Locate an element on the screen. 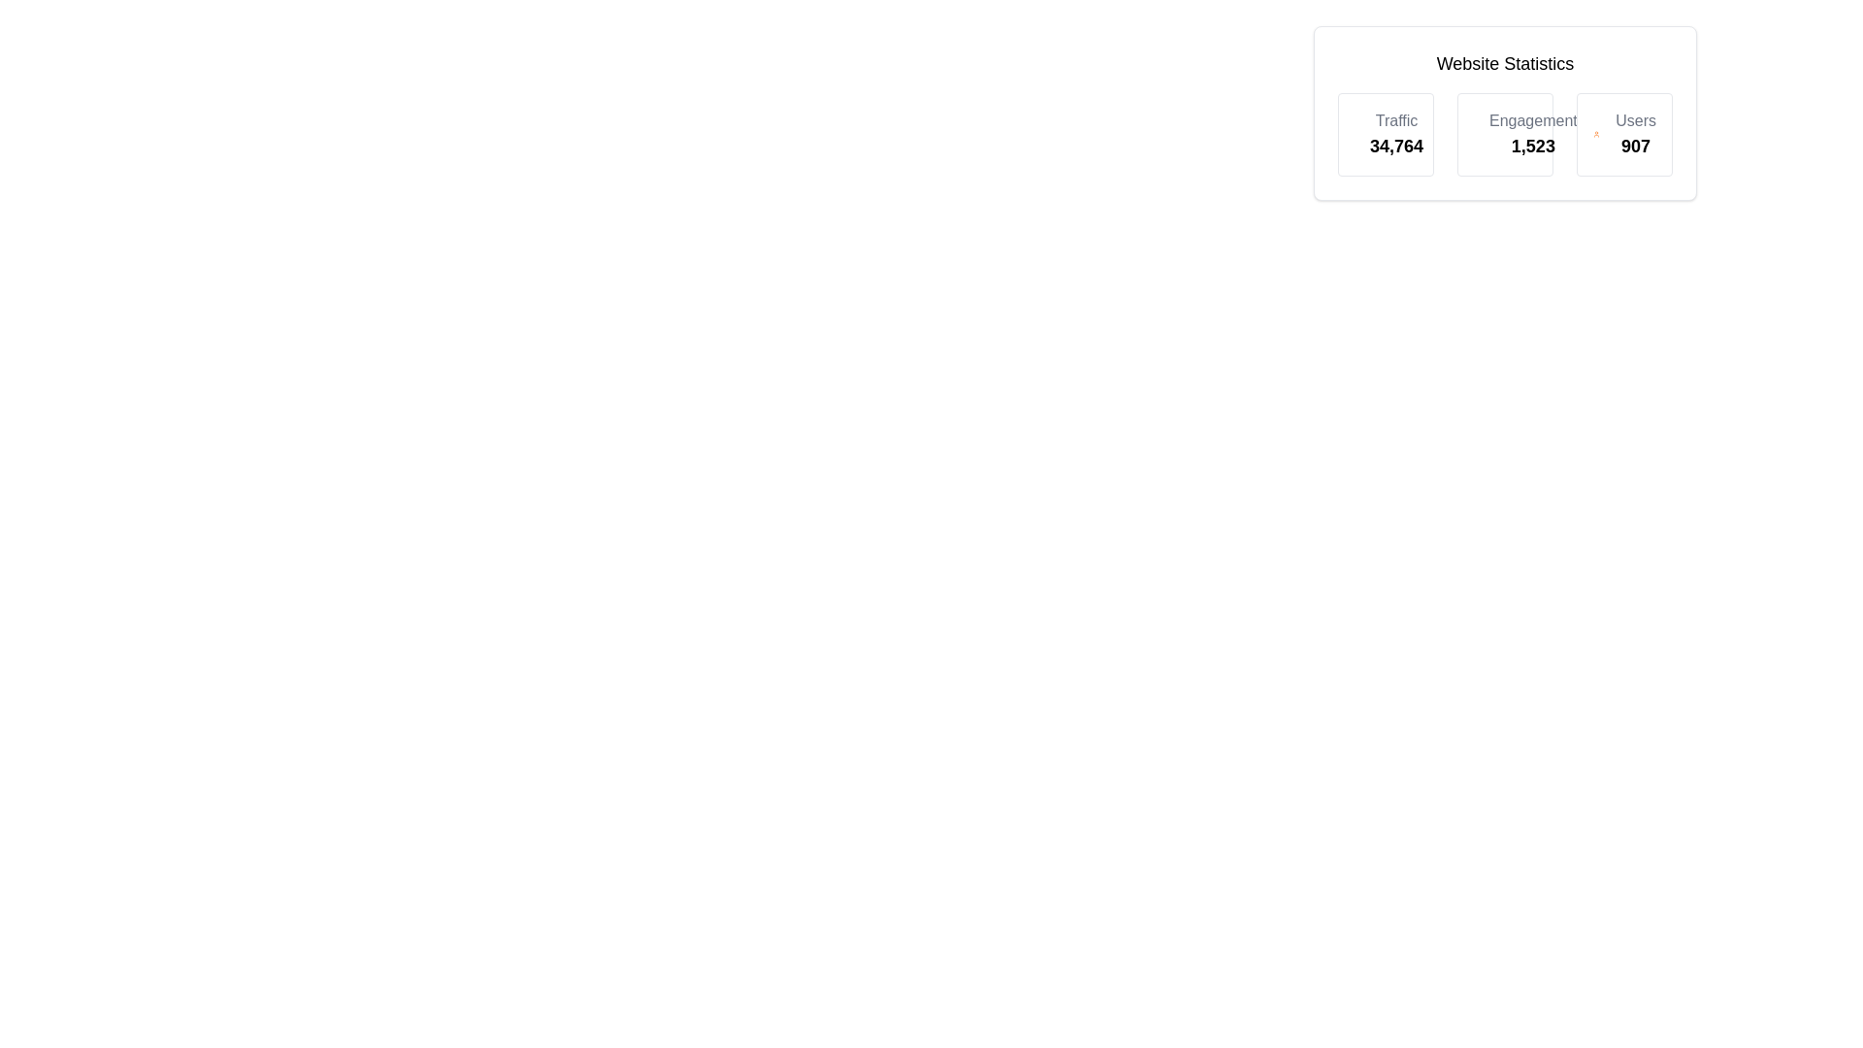 The width and height of the screenshot is (1863, 1048). the Text label that provides context for the number '907' representing the count of users, located in the top-right corner of a statistics box is located at coordinates (1635, 120).